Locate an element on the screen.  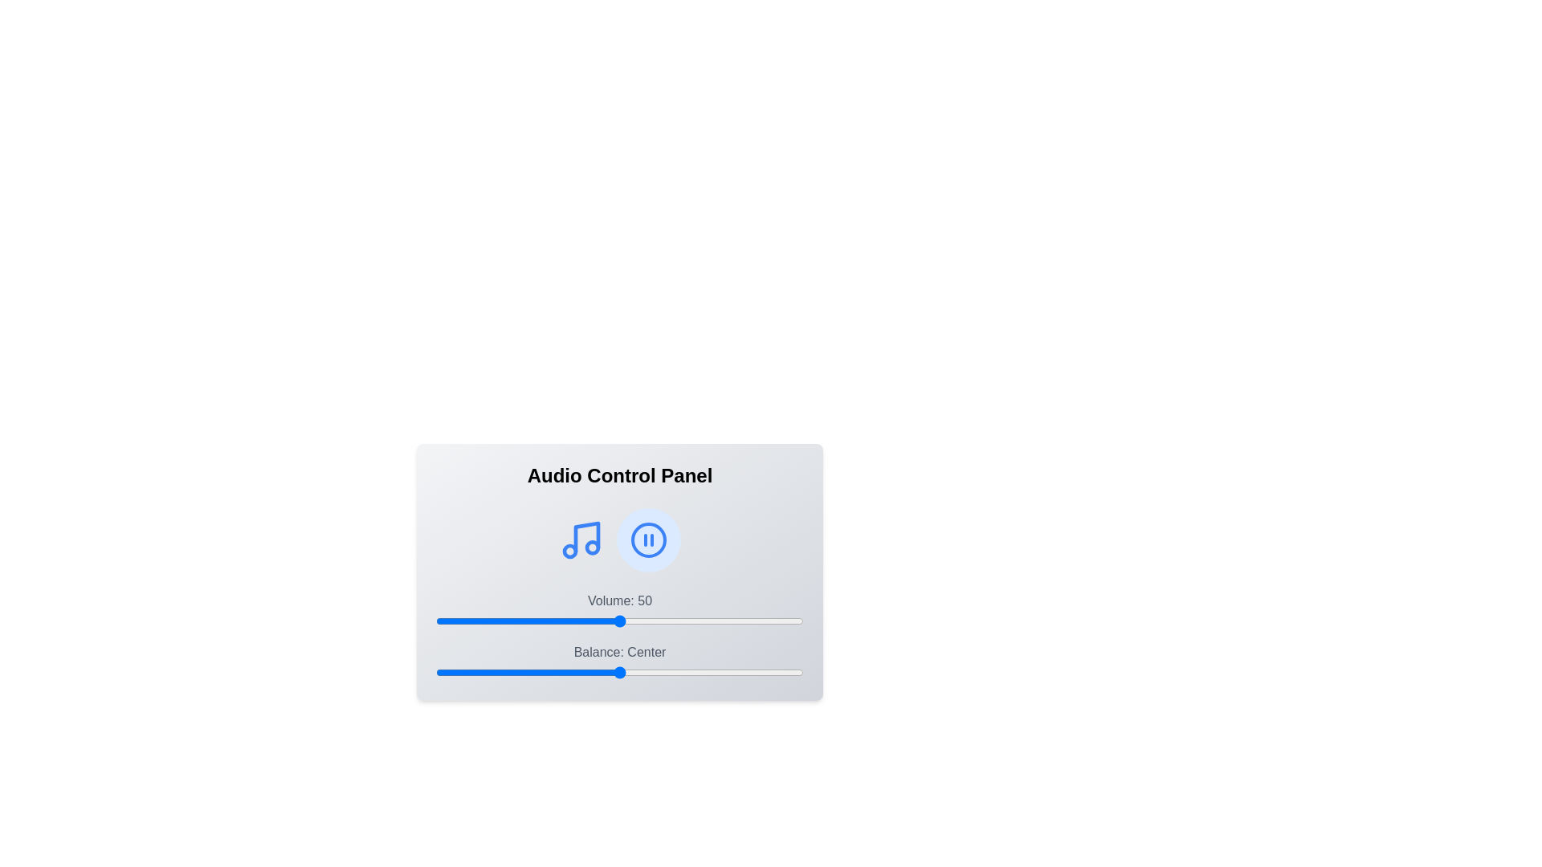
the balance is located at coordinates (800, 672).